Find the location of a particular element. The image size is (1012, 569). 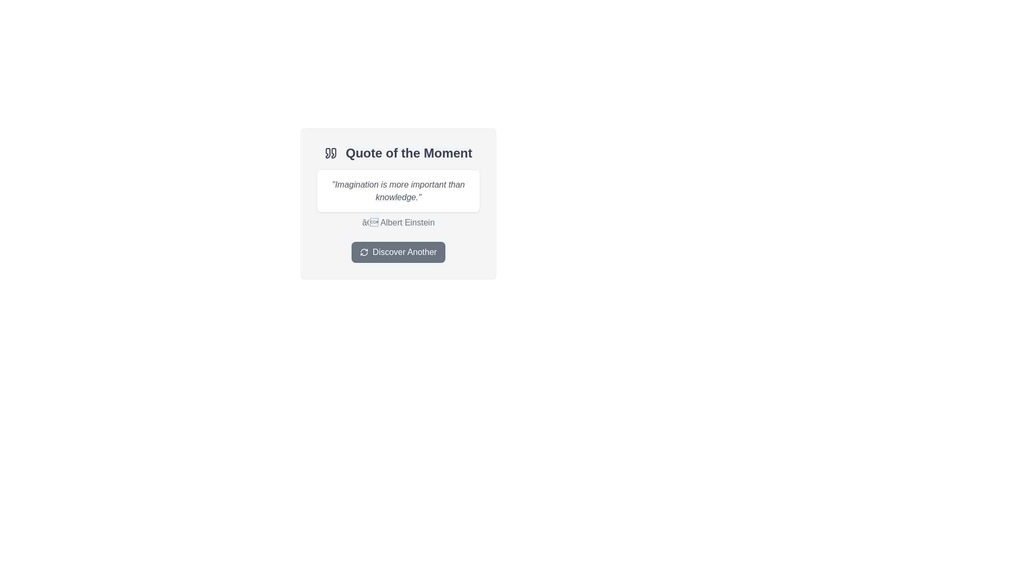

the 'Discover Another' button, which has a decorative refresh icon embedded on the left side is located at coordinates (364, 252).